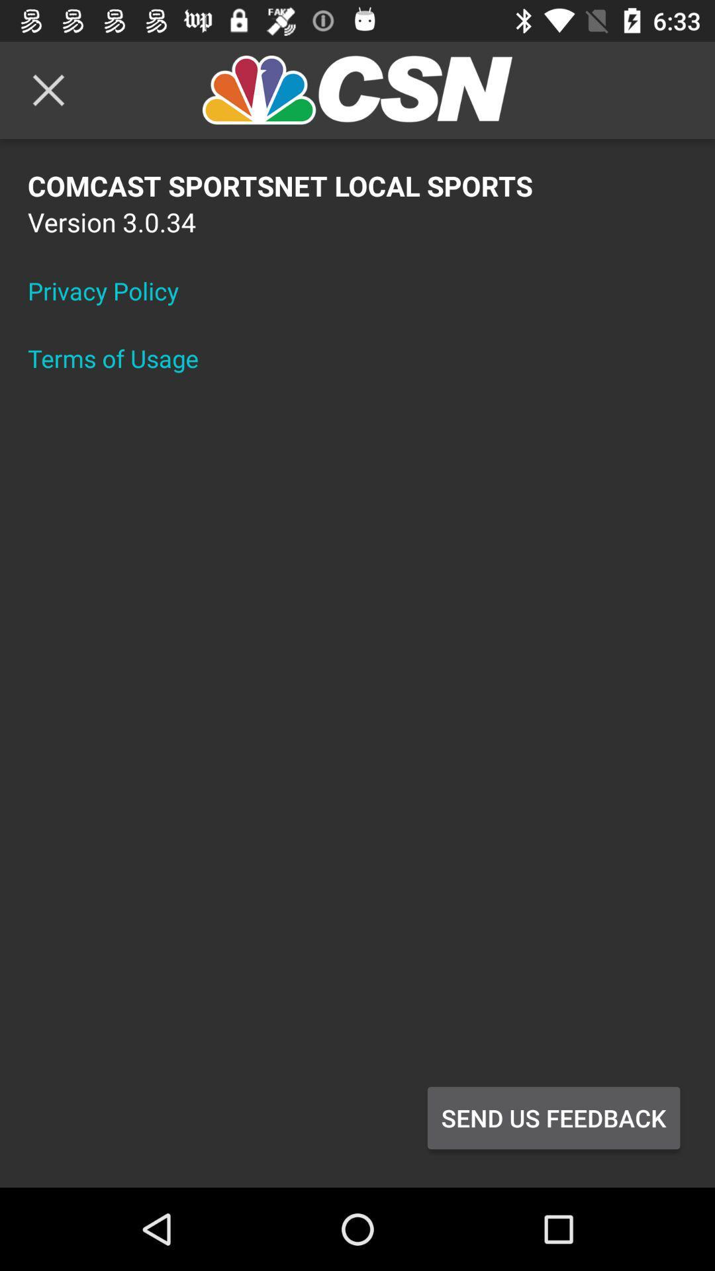 The height and width of the screenshot is (1271, 715). Describe the element at coordinates (111, 290) in the screenshot. I see `privacy policy item` at that location.